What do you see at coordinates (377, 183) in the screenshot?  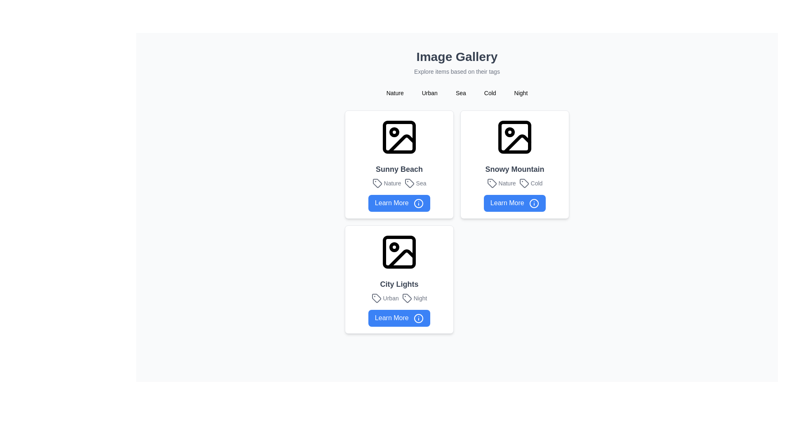 I see `the tag-like icon within the 'Sunny Beach' card, which visually signifies or annotates the item type, positioned between 'Nature' and 'Sea'` at bounding box center [377, 183].